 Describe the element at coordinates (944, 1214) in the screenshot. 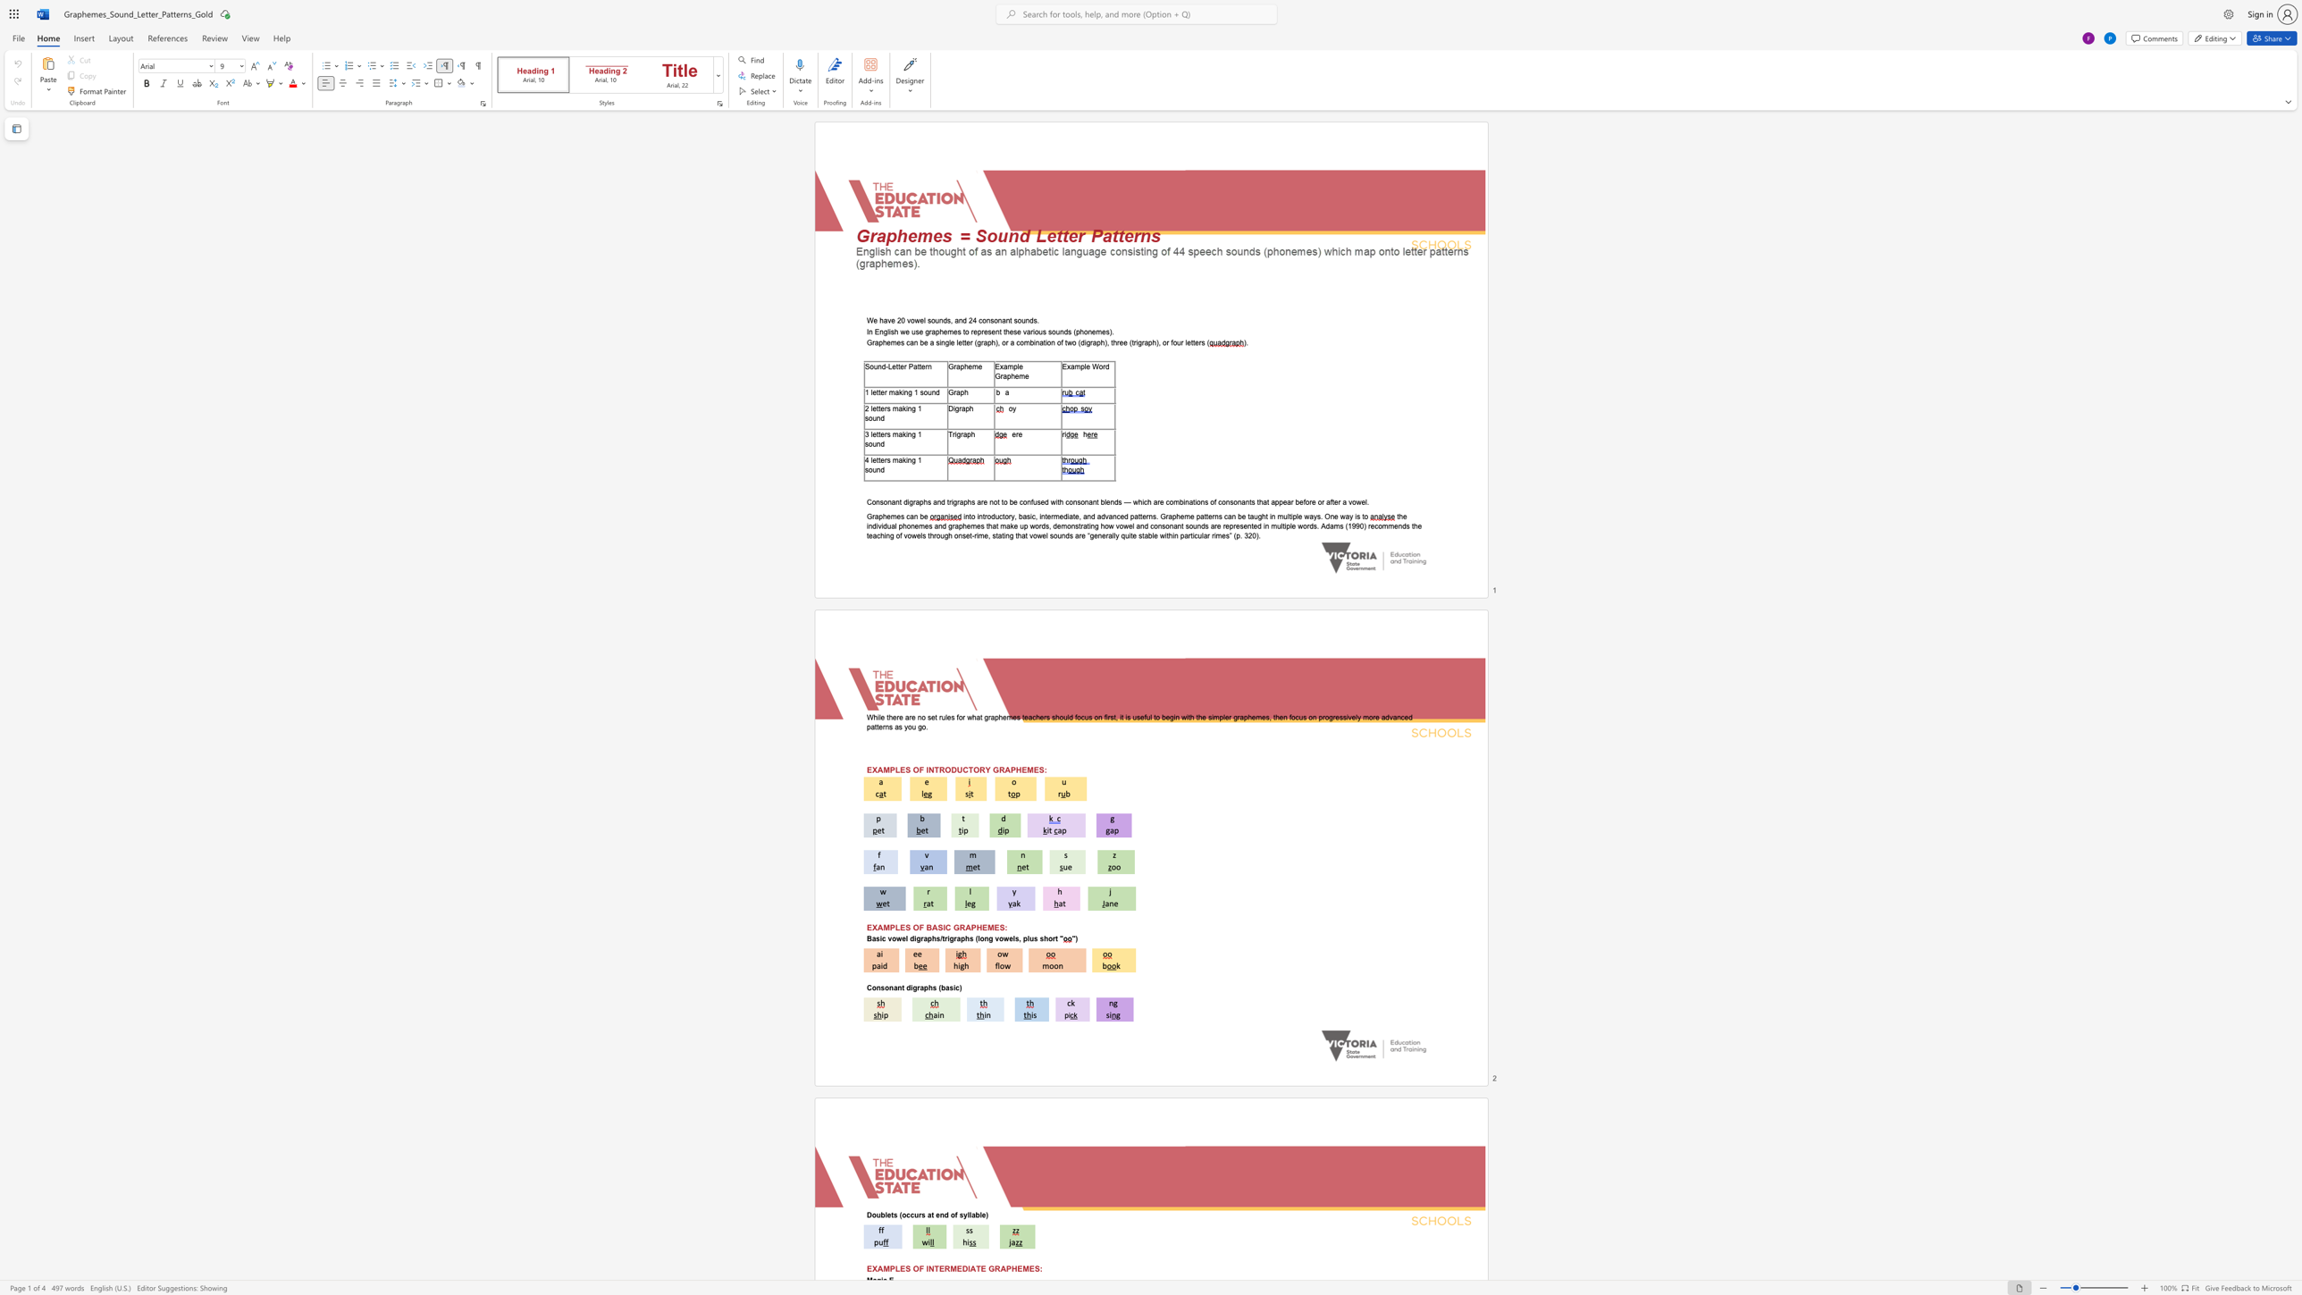

I see `the subset text "d of syllable)" within the text "Doublets (occurs at end of syllable)"` at that location.